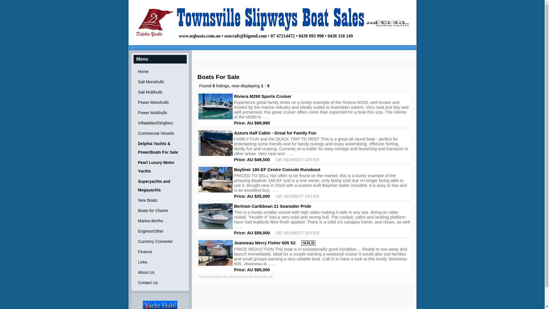 The image size is (549, 309). What do you see at coordinates (134, 112) in the screenshot?
I see `'Power Multihulls'` at bounding box center [134, 112].